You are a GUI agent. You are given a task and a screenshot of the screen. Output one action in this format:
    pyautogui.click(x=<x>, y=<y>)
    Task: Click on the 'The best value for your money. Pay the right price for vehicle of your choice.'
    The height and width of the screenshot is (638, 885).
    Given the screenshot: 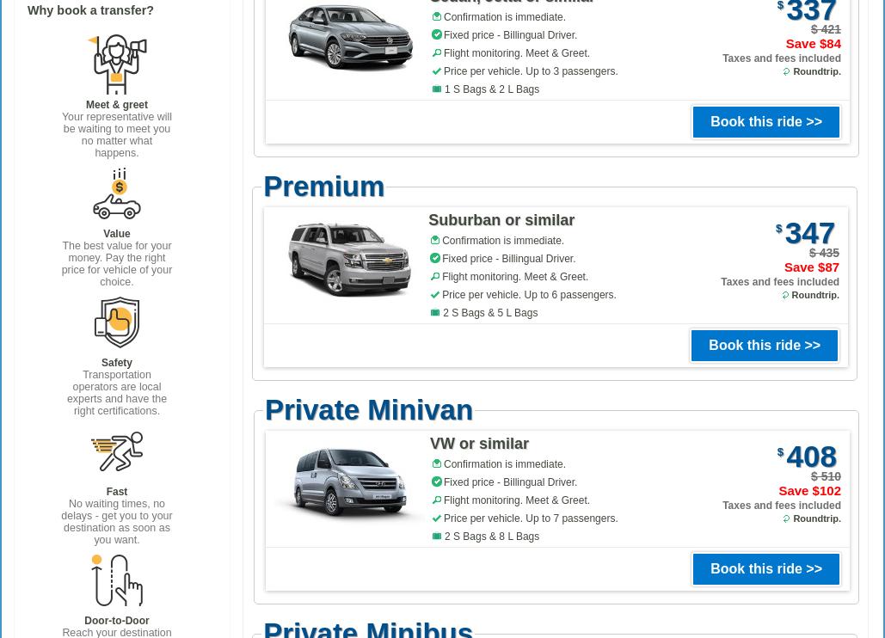 What is the action you would take?
    pyautogui.click(x=115, y=263)
    